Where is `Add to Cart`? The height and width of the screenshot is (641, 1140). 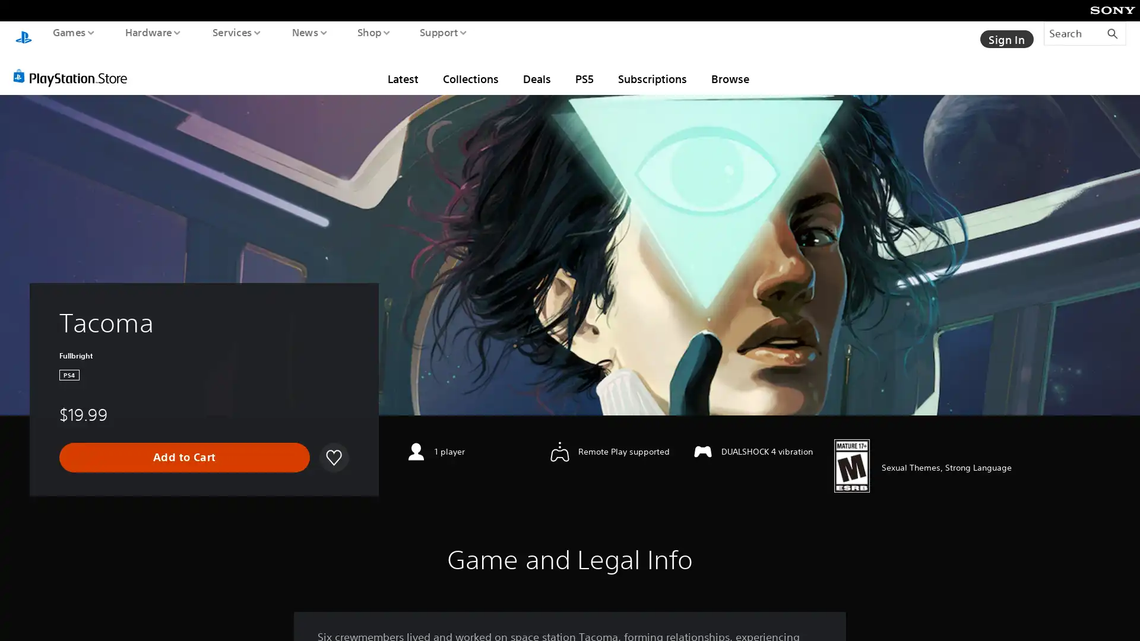
Add to Cart is located at coordinates (184, 446).